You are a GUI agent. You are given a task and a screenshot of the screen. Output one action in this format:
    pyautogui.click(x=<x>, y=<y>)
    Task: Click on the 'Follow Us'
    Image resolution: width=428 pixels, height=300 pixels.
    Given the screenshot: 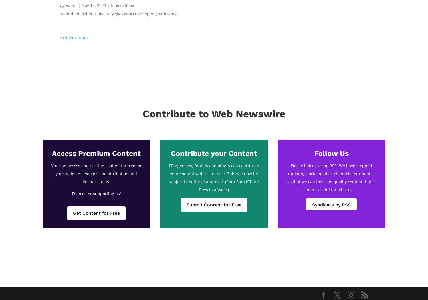 What is the action you would take?
    pyautogui.click(x=331, y=153)
    